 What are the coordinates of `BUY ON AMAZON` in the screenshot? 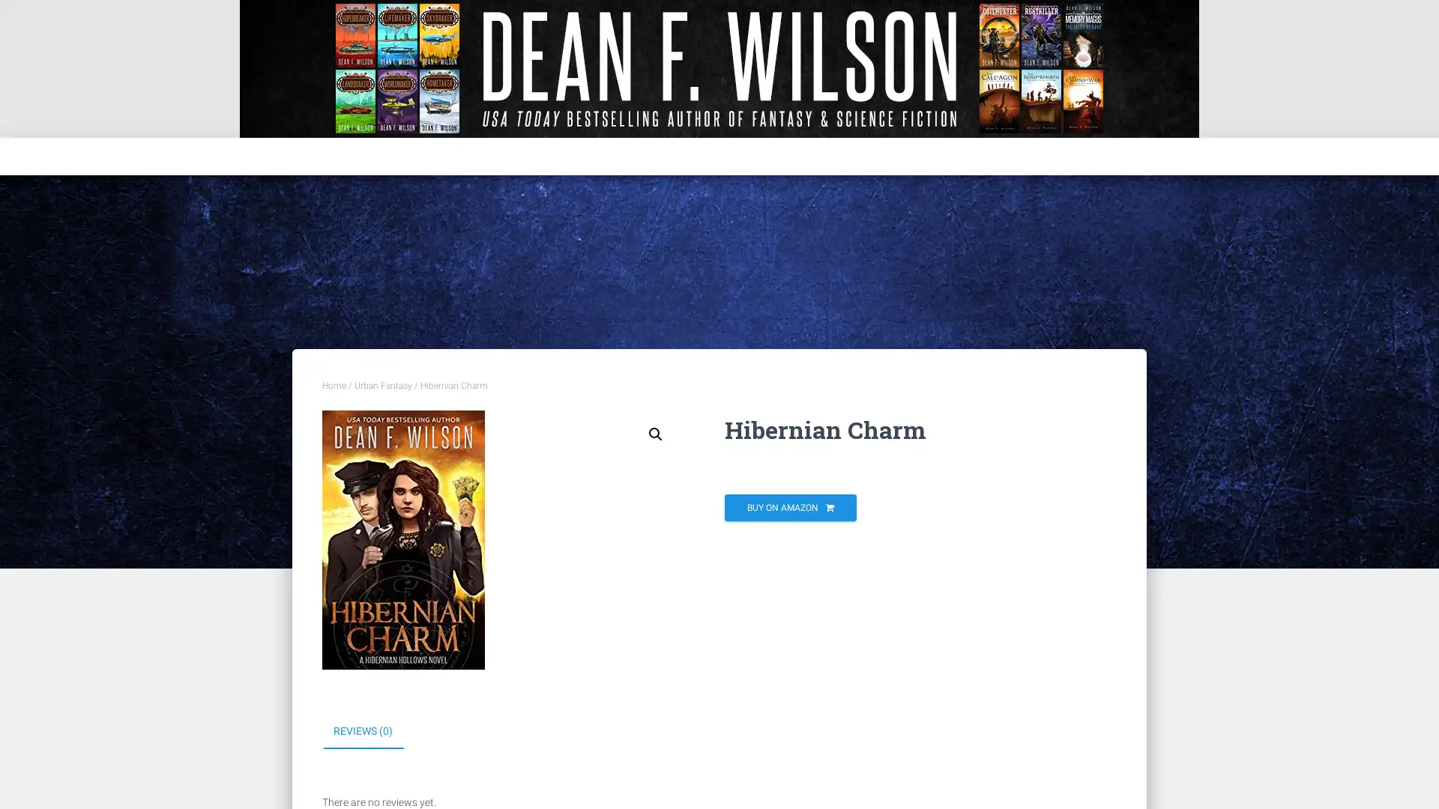 It's located at (790, 507).